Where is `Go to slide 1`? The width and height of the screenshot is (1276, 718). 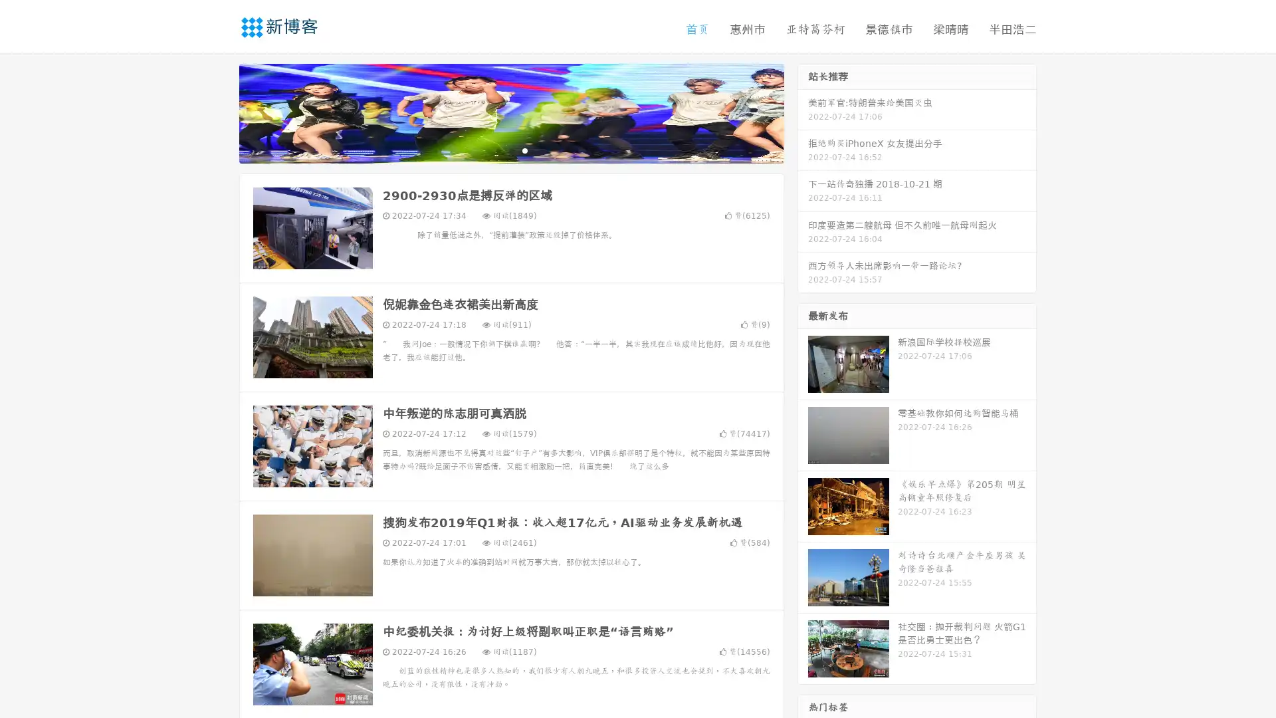 Go to slide 1 is located at coordinates (497, 150).